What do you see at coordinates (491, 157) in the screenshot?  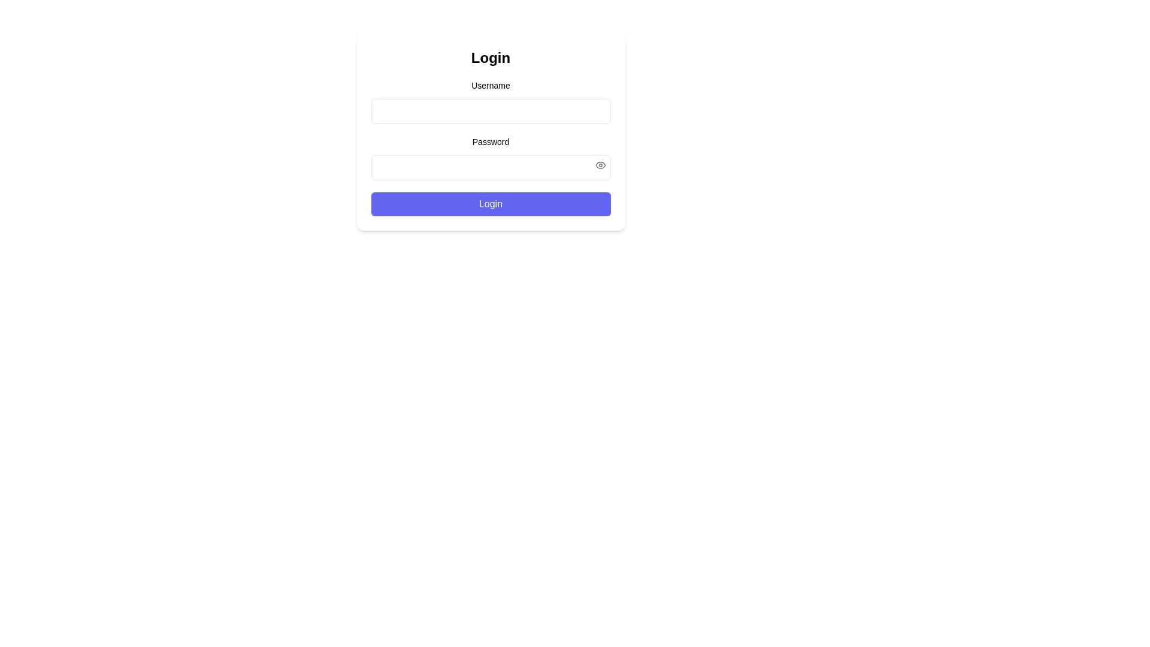 I see `the password input field to focus it, which is centrally positioned below the Username field and above the Login button in the Login dialog box` at bounding box center [491, 157].